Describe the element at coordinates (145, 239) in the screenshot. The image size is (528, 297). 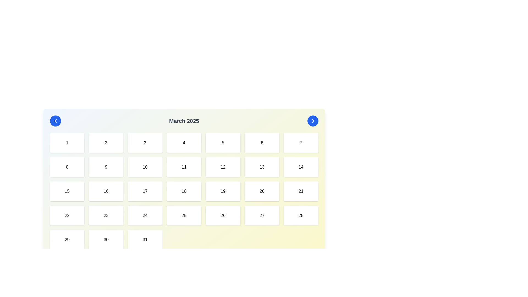
I see `the calendar date tile representing '31'` at that location.